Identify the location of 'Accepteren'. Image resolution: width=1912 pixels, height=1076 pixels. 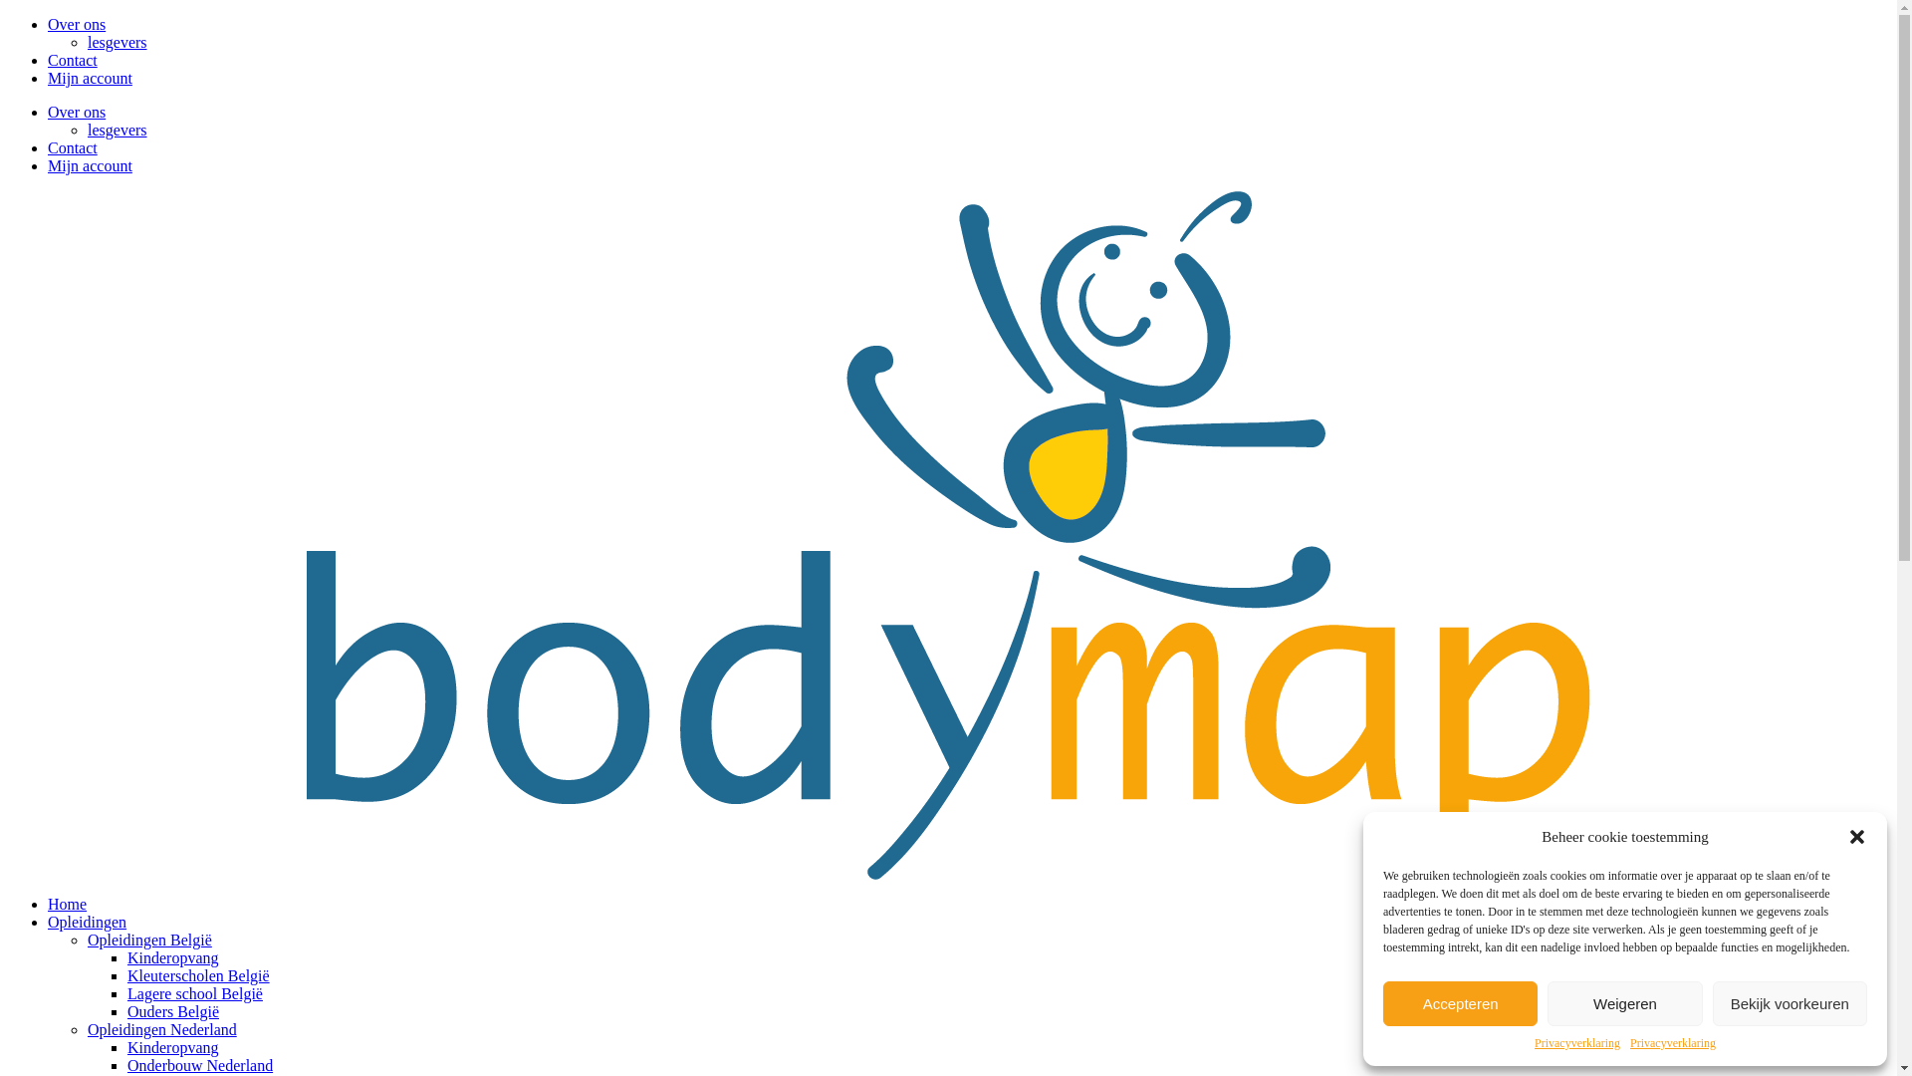
(1381, 1003).